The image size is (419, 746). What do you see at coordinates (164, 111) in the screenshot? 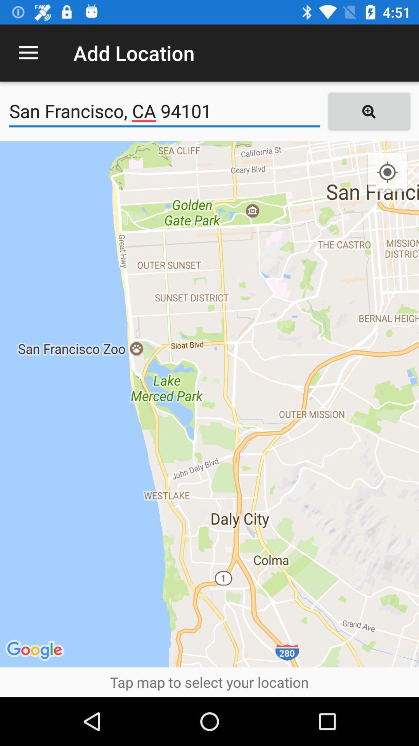
I see `san francisco ca icon` at bounding box center [164, 111].